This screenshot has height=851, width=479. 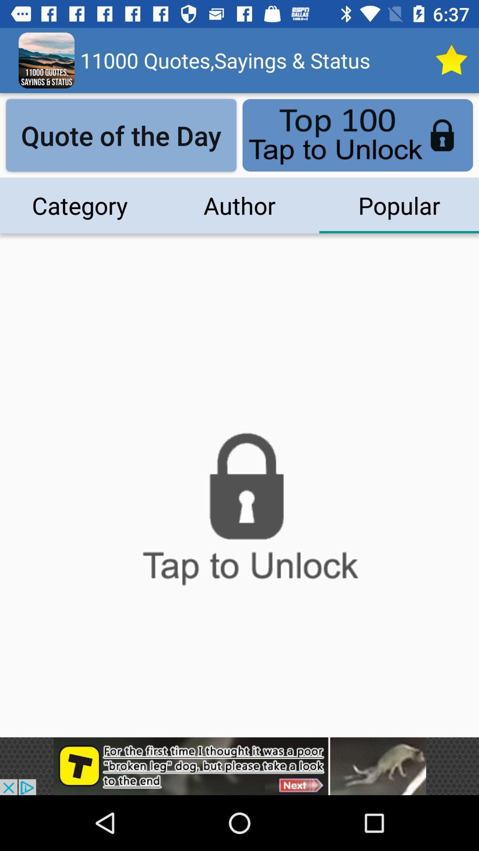 What do you see at coordinates (451, 60) in the screenshot?
I see `top quotes today` at bounding box center [451, 60].